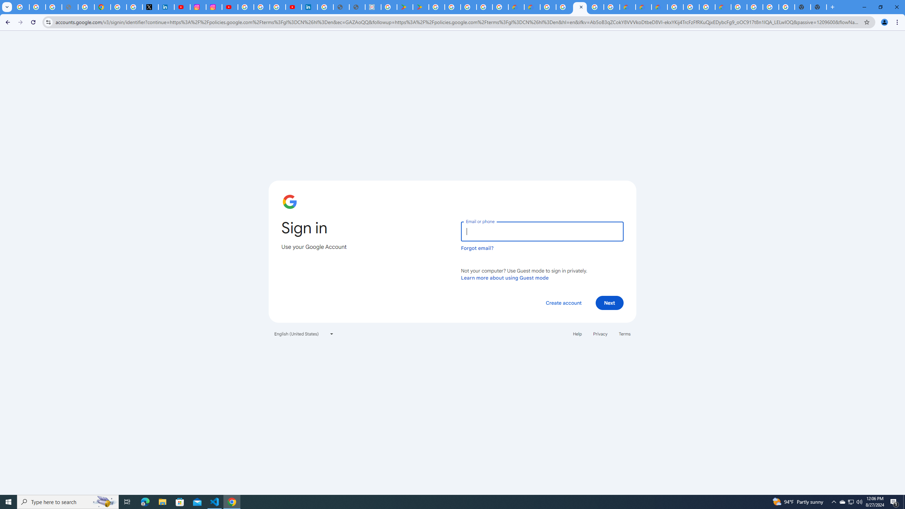 Image resolution: width=905 pixels, height=509 pixels. I want to click on 'Google Workspace - Specific Terms', so click(500, 7).